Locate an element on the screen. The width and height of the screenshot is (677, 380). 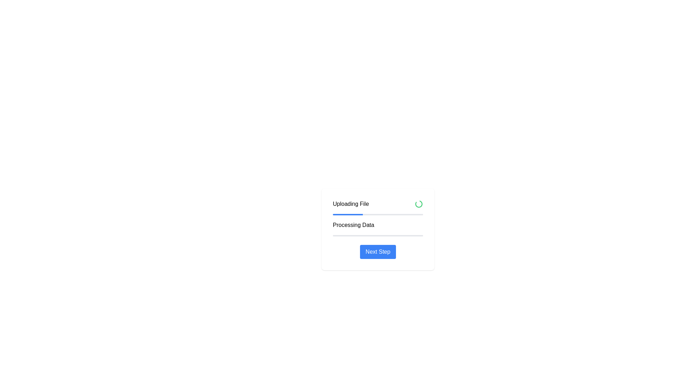
the progress bar is located at coordinates (344, 214).